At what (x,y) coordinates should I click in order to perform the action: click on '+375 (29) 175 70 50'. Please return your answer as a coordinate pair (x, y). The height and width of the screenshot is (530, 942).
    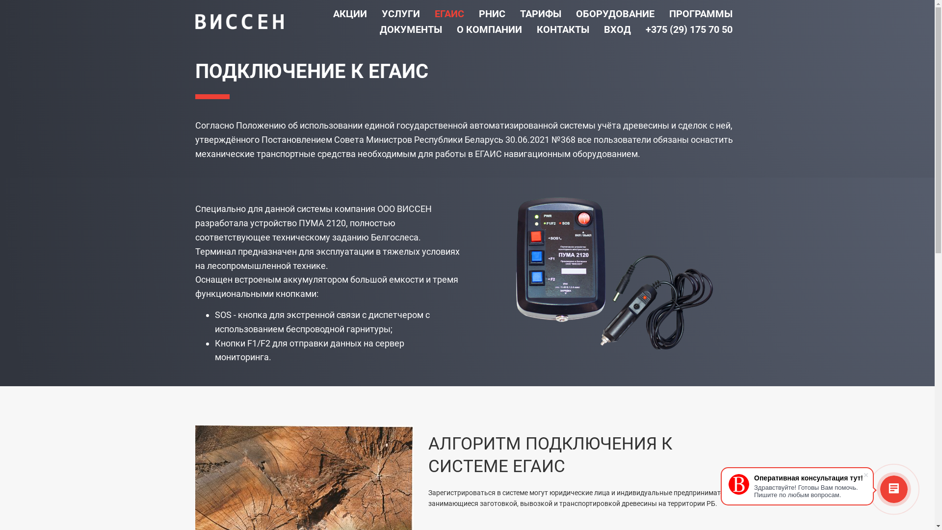
    Looking at the image, I should click on (688, 29).